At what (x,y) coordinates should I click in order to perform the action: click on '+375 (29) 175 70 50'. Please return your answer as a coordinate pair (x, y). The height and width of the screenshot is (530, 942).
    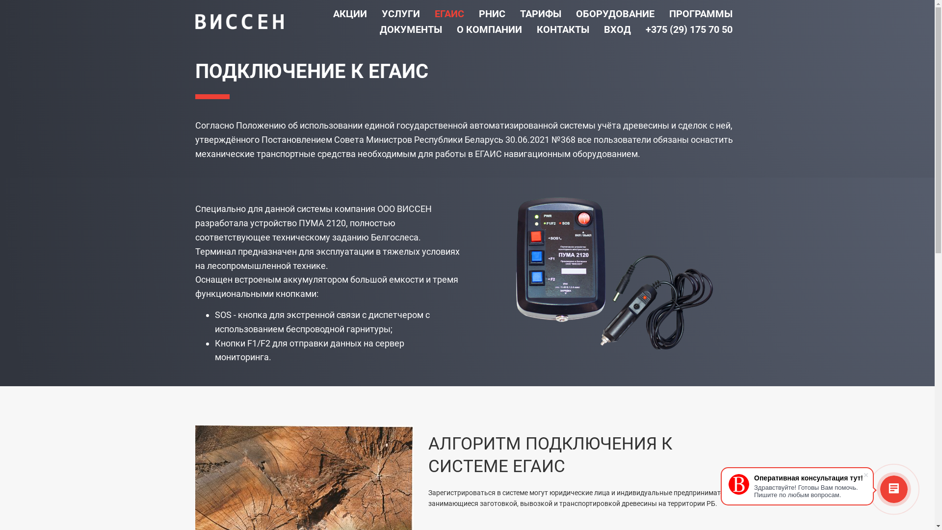
    Looking at the image, I should click on (688, 29).